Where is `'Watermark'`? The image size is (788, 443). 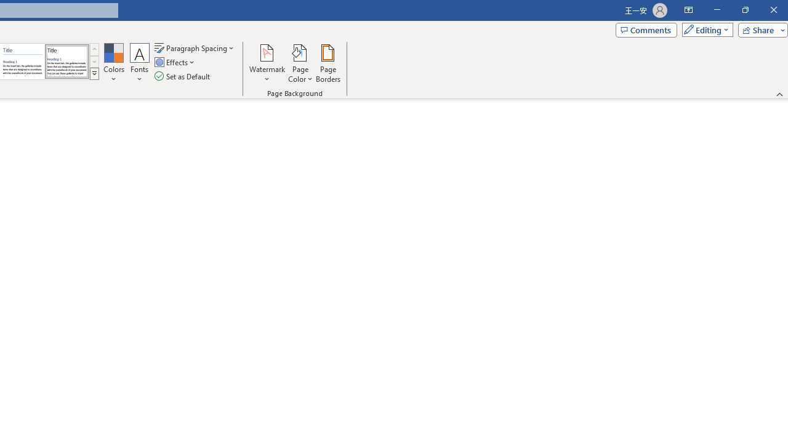 'Watermark' is located at coordinates (267, 63).